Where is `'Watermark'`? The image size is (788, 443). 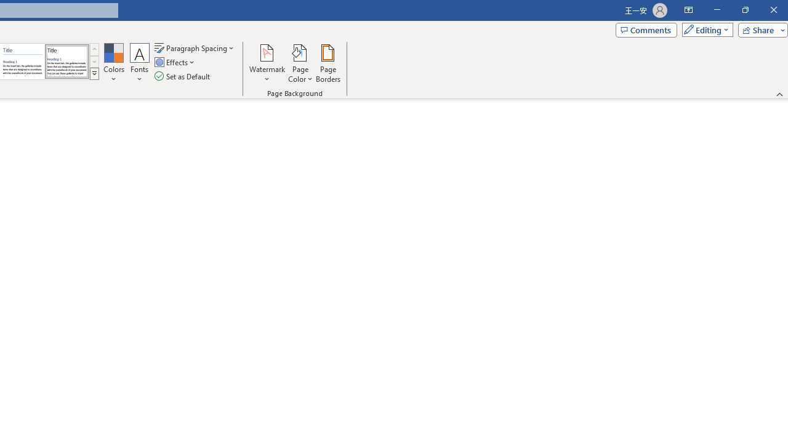 'Watermark' is located at coordinates (267, 63).